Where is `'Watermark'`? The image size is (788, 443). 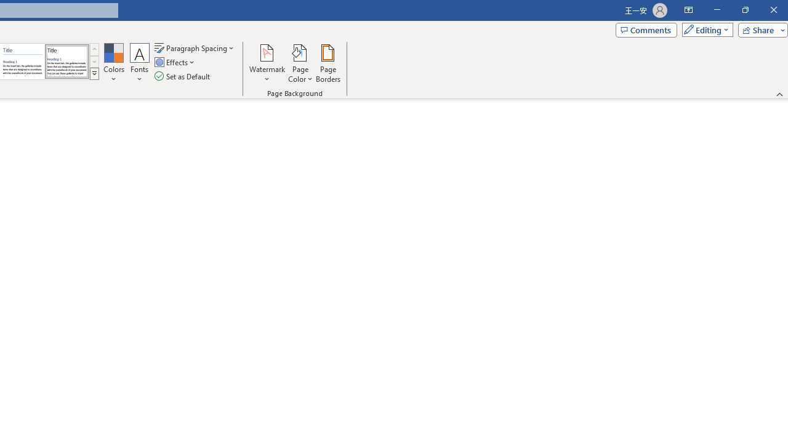 'Watermark' is located at coordinates (267, 63).